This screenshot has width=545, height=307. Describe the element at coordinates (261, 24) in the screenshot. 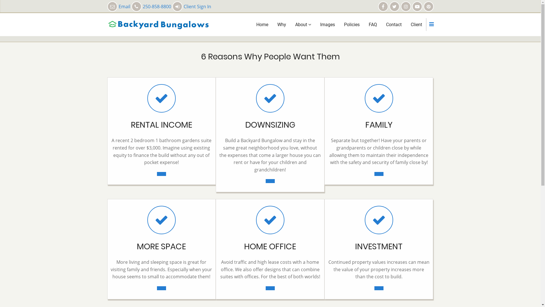

I see `'Home'` at that location.